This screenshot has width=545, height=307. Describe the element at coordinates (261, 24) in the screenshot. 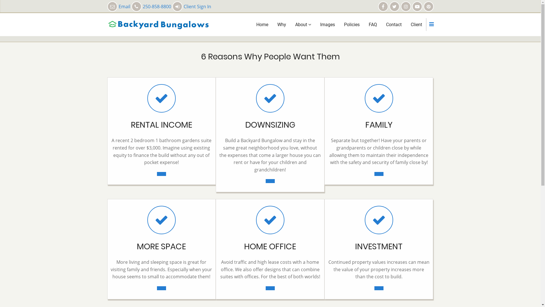

I see `'Home'` at that location.